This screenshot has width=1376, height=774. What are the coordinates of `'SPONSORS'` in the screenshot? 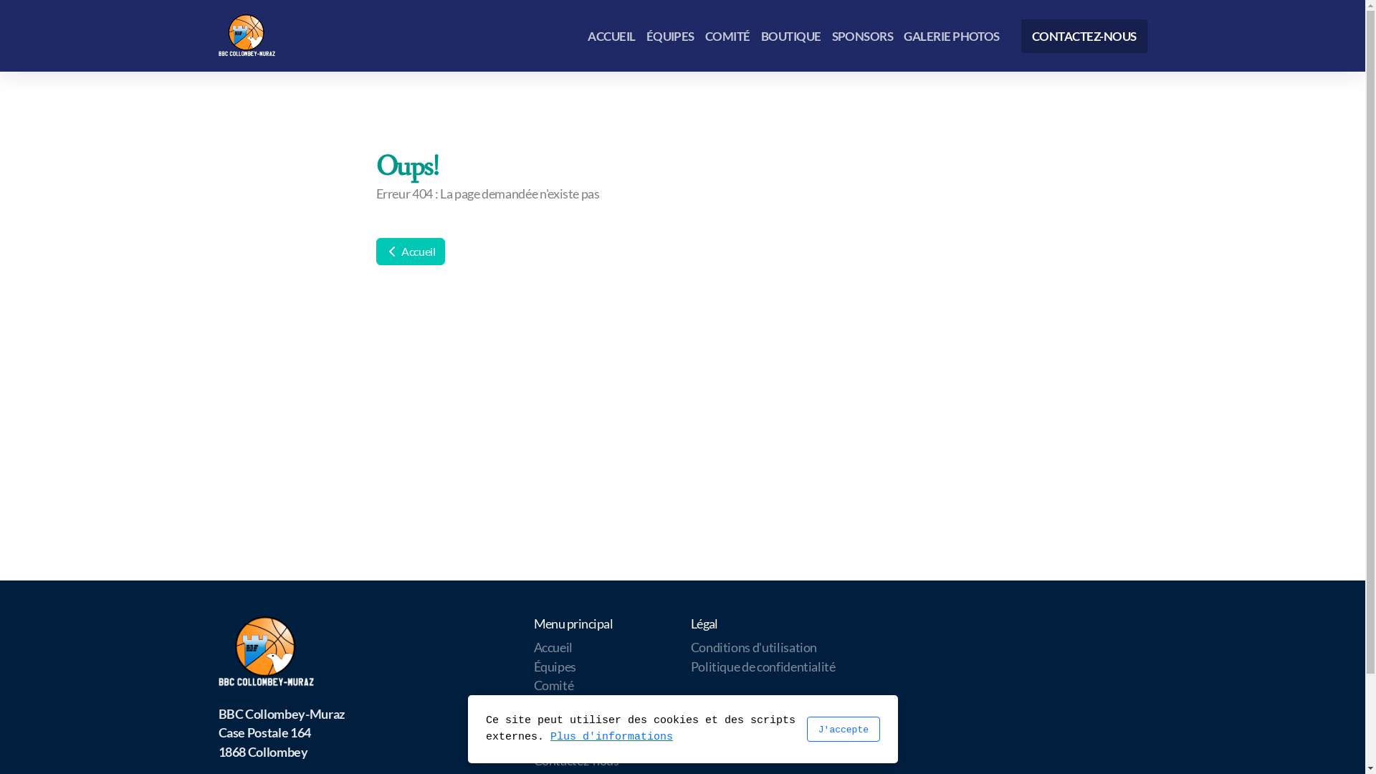 It's located at (861, 34).